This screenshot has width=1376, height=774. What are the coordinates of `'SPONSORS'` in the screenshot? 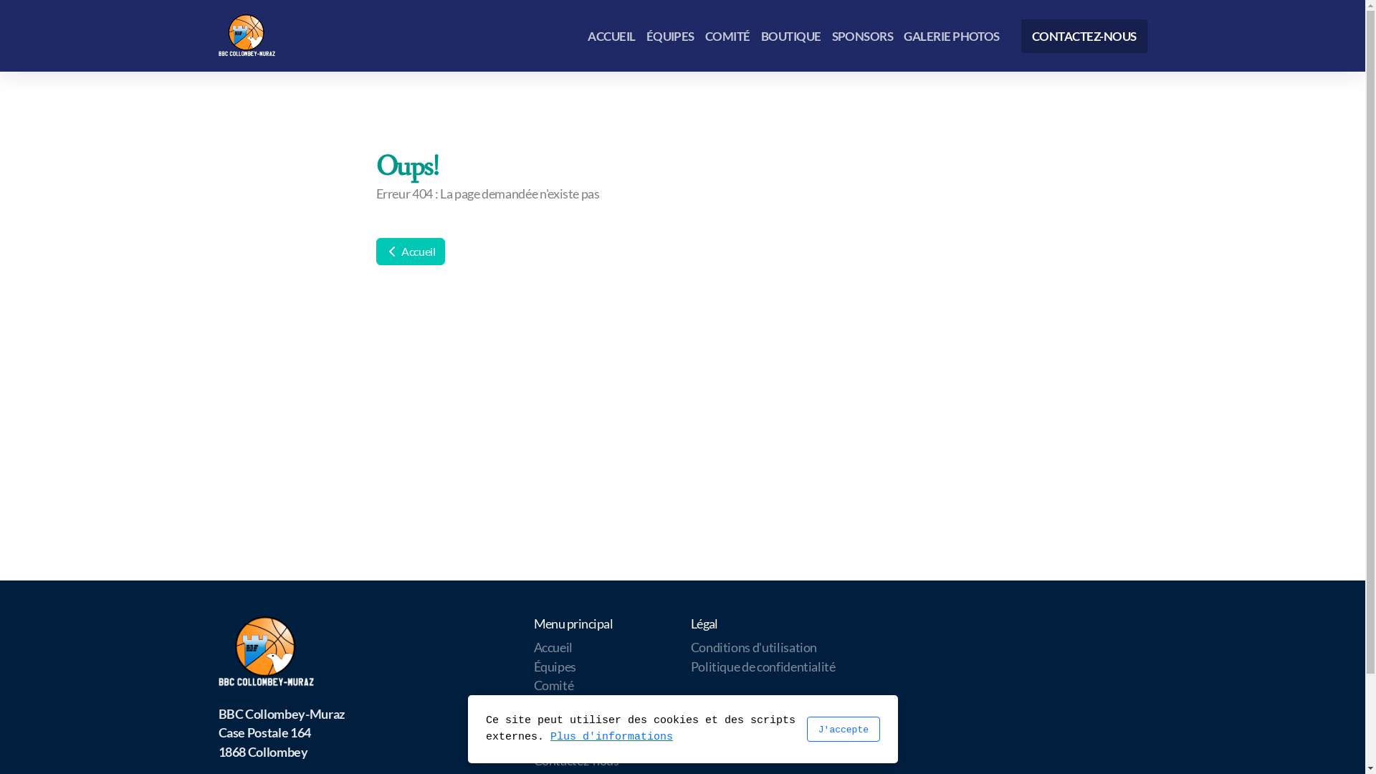 It's located at (861, 34).